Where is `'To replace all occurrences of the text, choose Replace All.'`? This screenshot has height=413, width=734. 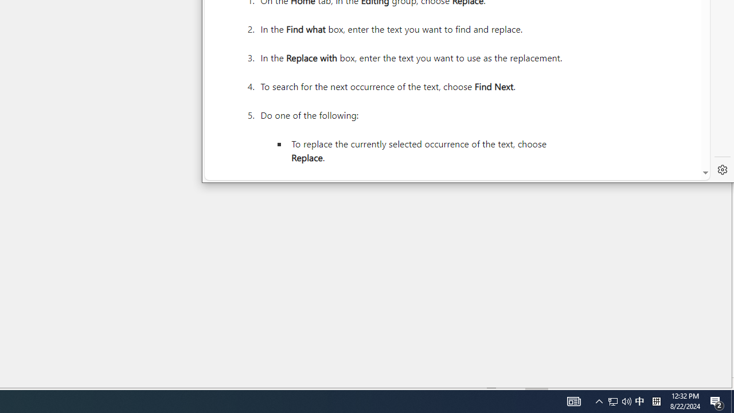
'To replace all occurrences of the text, choose Replace All.' is located at coordinates (425, 186).